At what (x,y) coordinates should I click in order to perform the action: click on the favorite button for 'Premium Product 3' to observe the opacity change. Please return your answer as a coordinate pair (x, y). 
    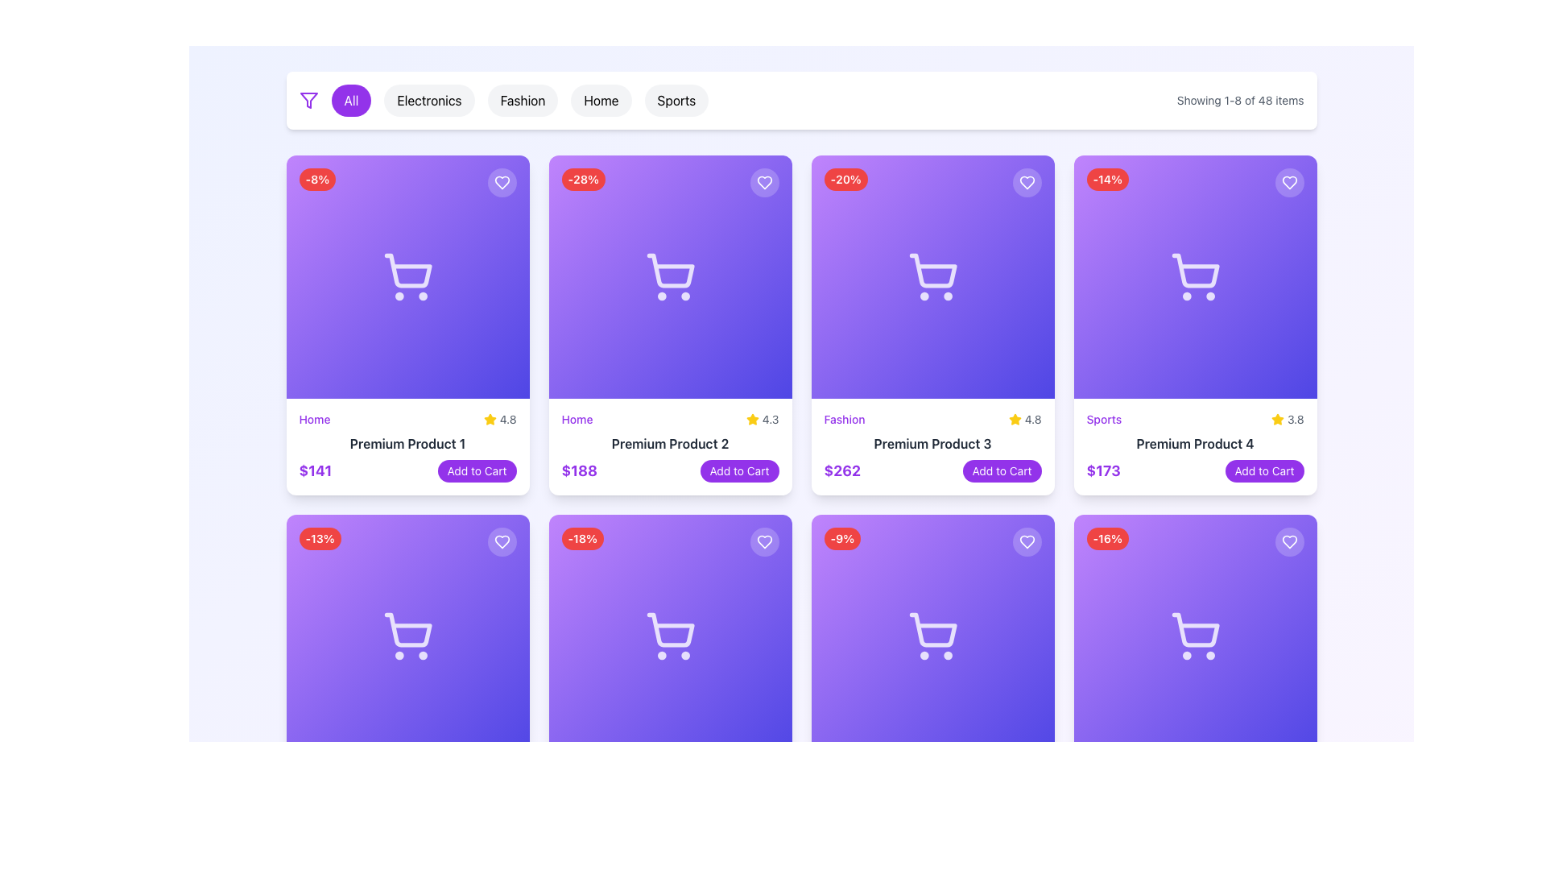
    Looking at the image, I should click on (1026, 182).